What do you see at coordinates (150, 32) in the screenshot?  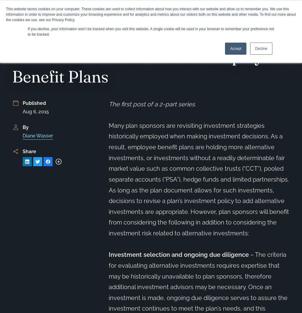 I see `'If you decline, your information won’t be tracked when you visit this website. A single cookie will be used in your browser to remember your preference not to be tracked.'` at bounding box center [150, 32].